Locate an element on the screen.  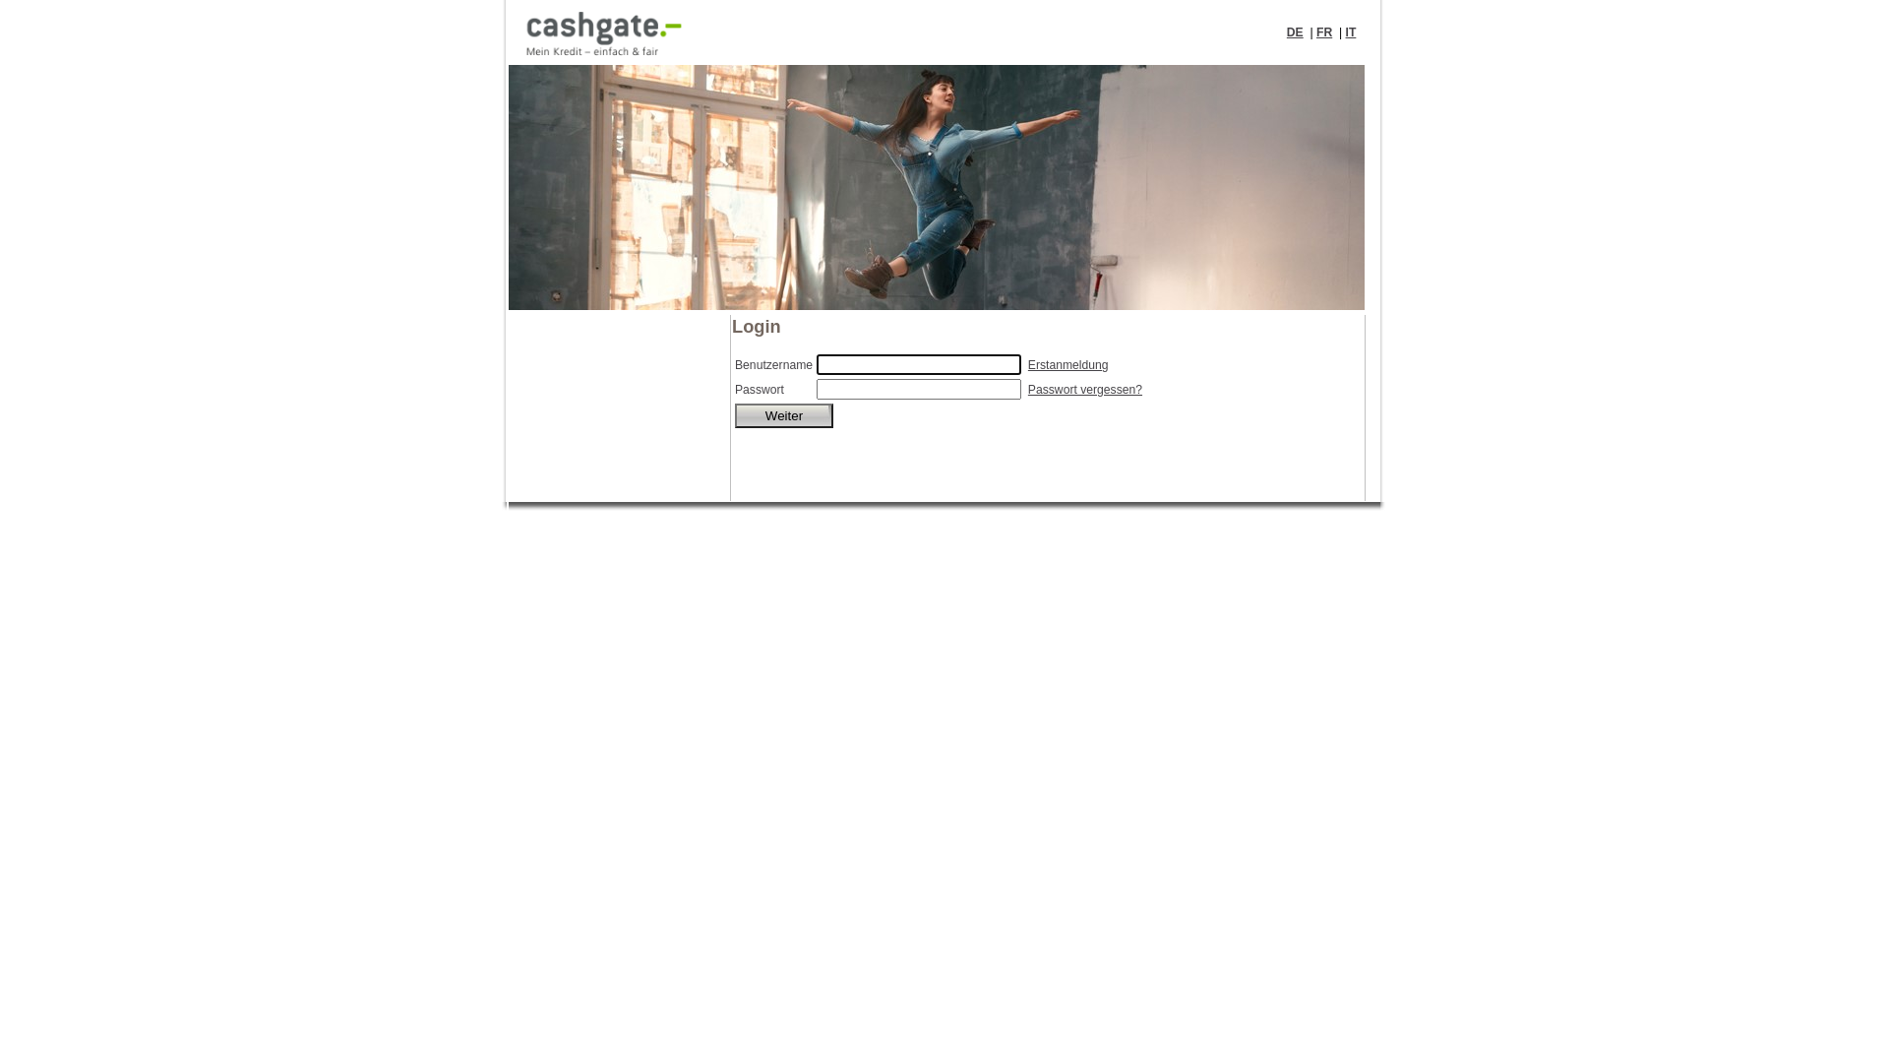
'IT' is located at coordinates (1350, 32).